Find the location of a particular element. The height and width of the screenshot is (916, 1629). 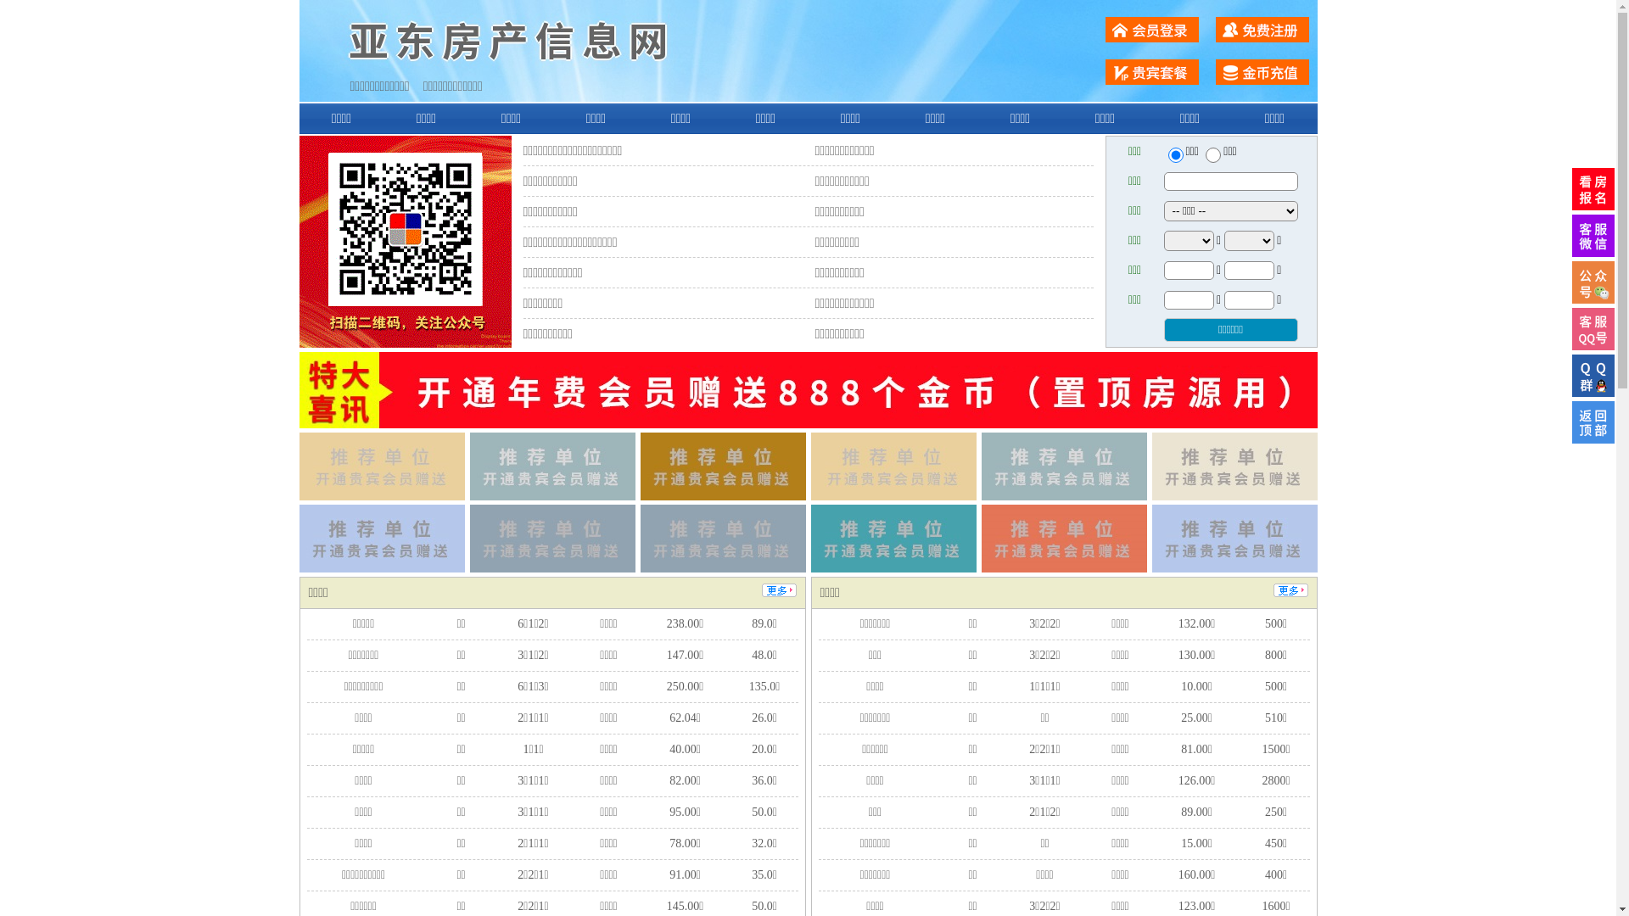

'ershou' is located at coordinates (1174, 154).